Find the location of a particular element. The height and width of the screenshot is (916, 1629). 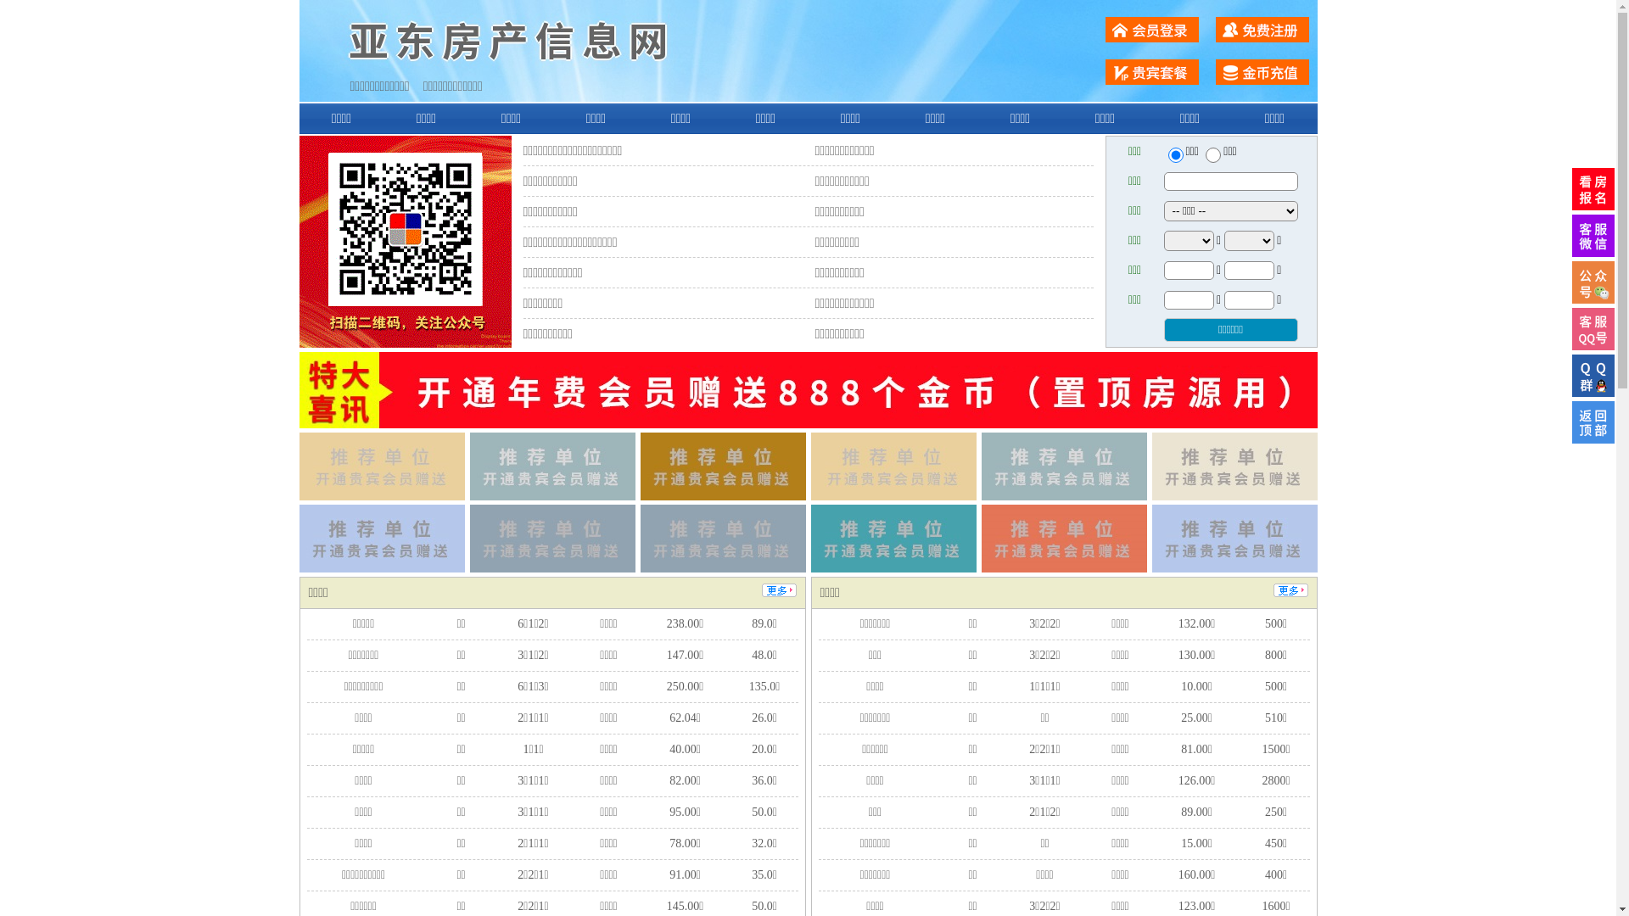

'ershou' is located at coordinates (1174, 154).